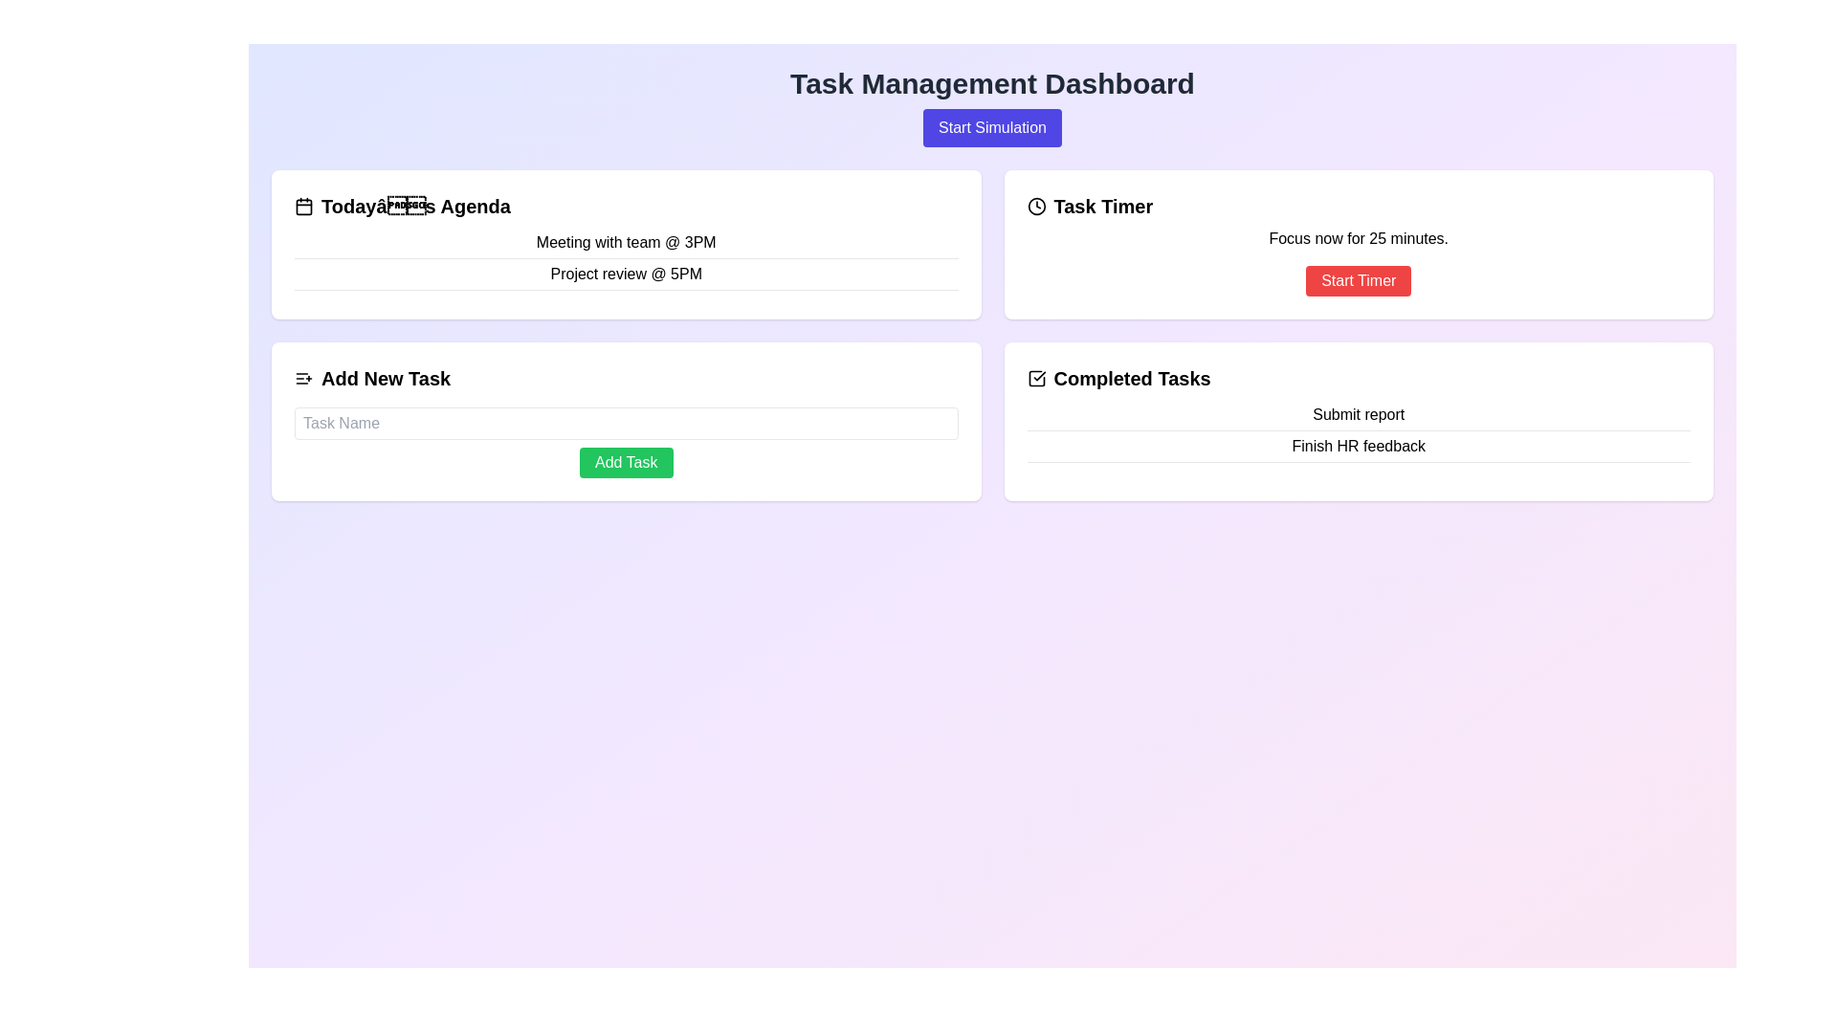 The width and height of the screenshot is (1837, 1033). What do you see at coordinates (1035, 207) in the screenshot?
I see `the circular graphical element of the clock icon located in the 'Task Timer' section, visually representing the clock or timer metaphor` at bounding box center [1035, 207].